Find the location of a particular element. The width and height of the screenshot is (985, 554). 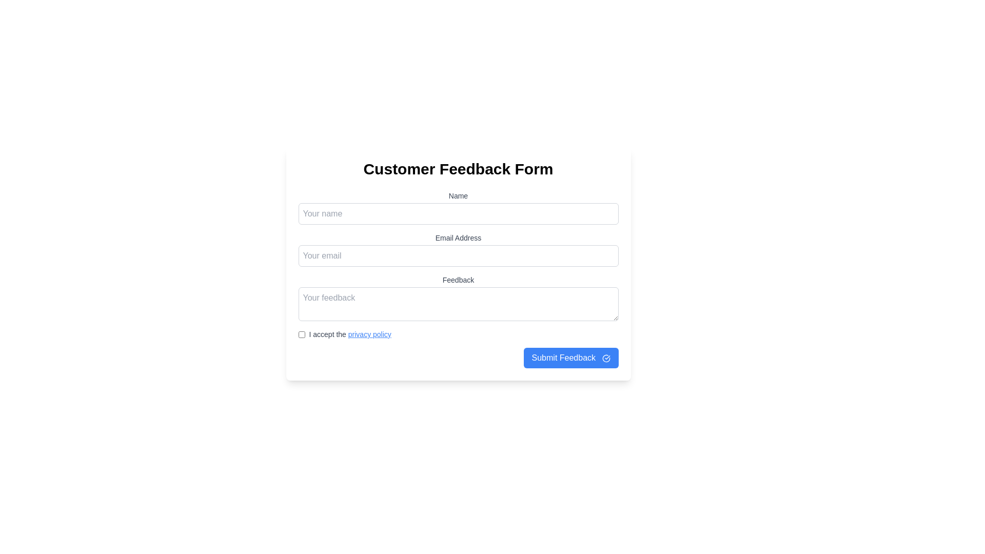

the labeled input field for entering an email address by pressing the Tab key is located at coordinates (458, 249).